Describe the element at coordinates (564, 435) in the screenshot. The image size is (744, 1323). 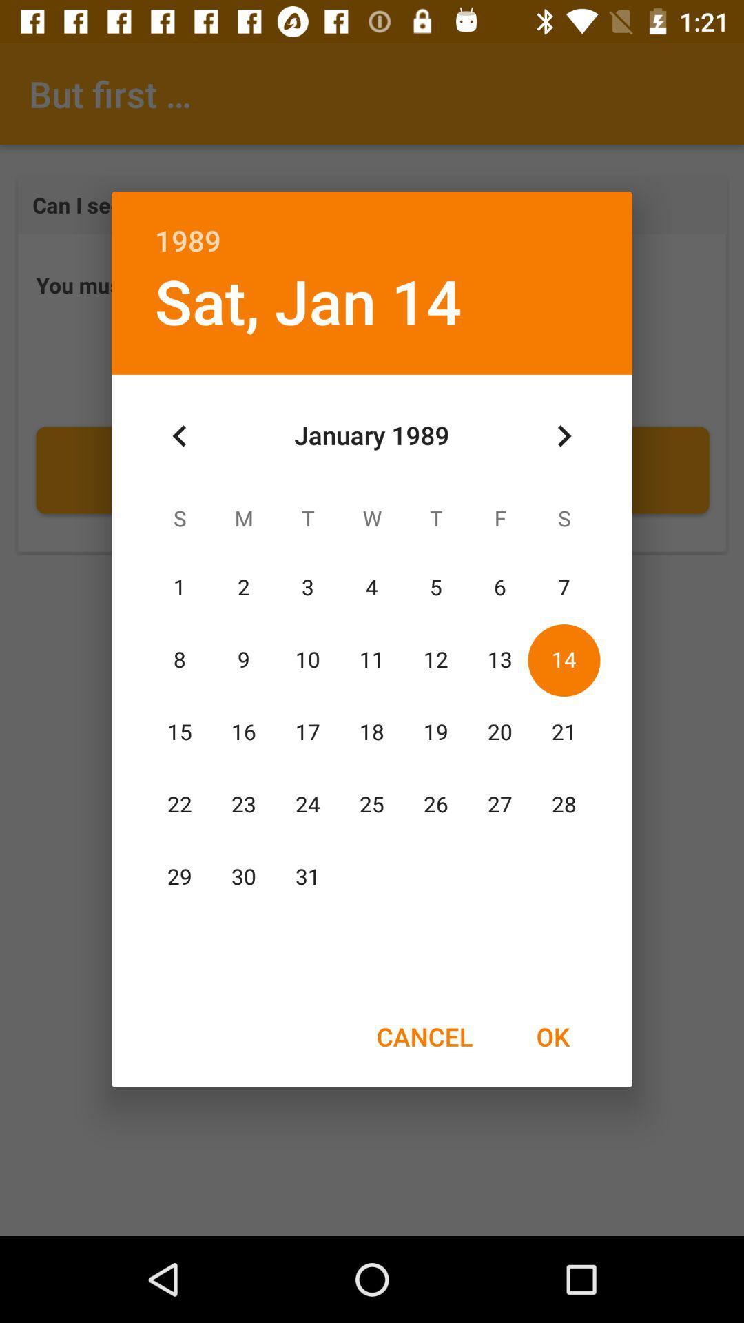
I see `the item at the top right corner` at that location.